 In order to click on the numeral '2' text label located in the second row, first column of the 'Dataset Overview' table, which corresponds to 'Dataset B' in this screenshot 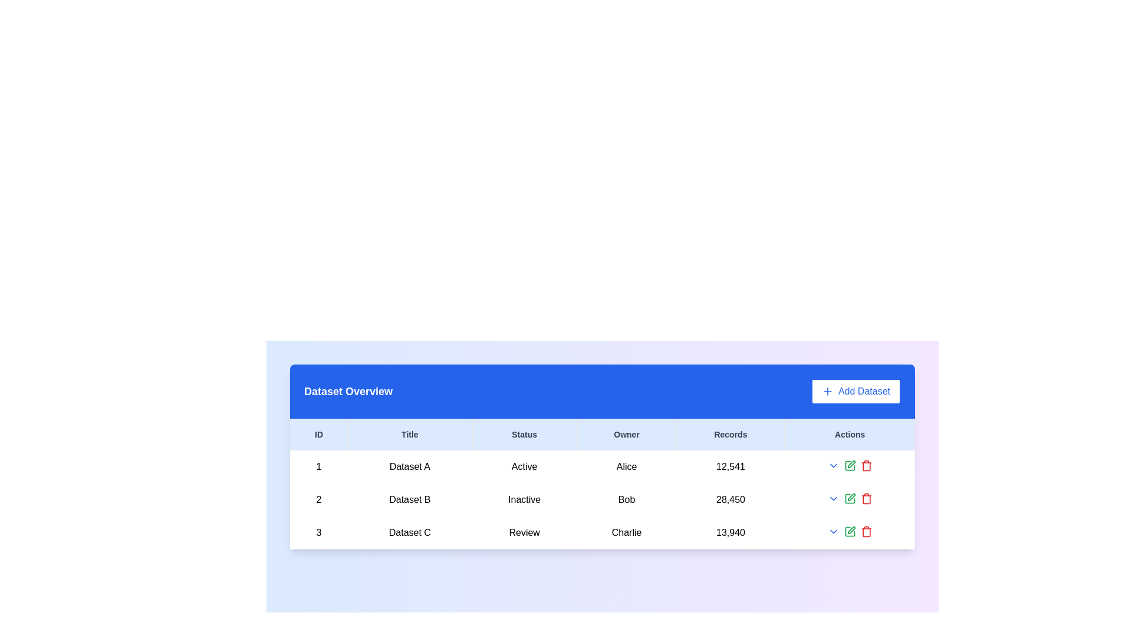, I will do `click(319, 499)`.